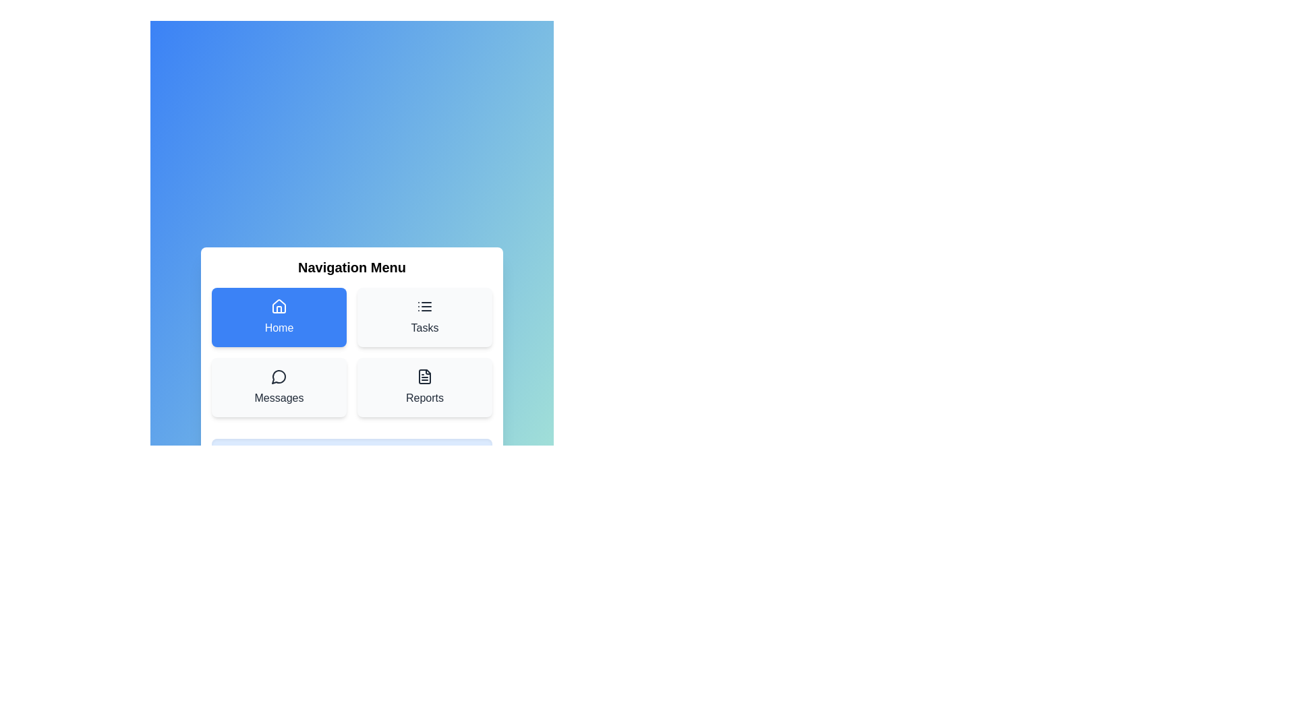 The height and width of the screenshot is (728, 1295). What do you see at coordinates (278, 317) in the screenshot?
I see `the menu item Home to display its details` at bounding box center [278, 317].